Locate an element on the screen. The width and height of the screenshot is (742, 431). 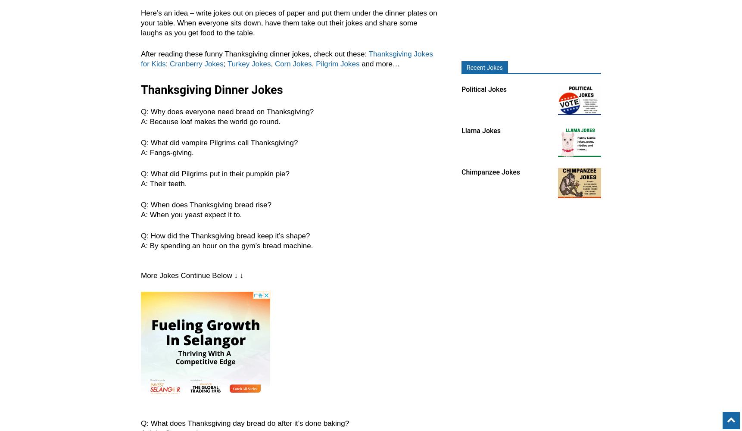
'Q: How did the Thanksgiving bread keep it’s shape?' is located at coordinates (140, 236).